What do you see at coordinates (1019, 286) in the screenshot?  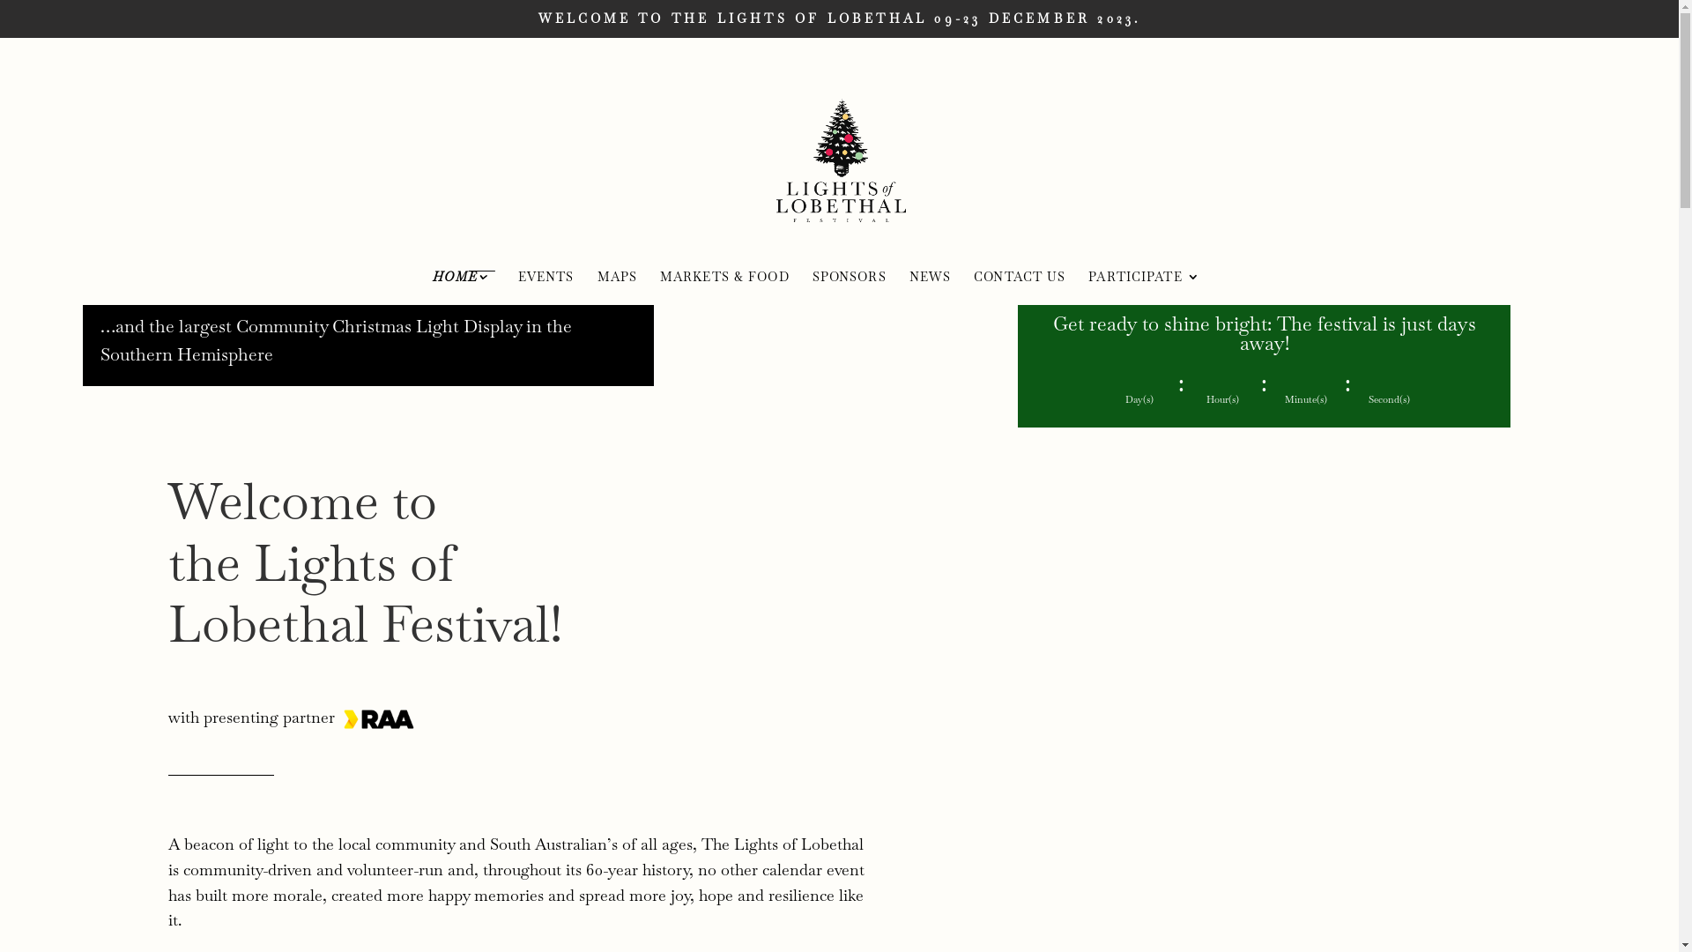 I see `'CONTACT US'` at bounding box center [1019, 286].